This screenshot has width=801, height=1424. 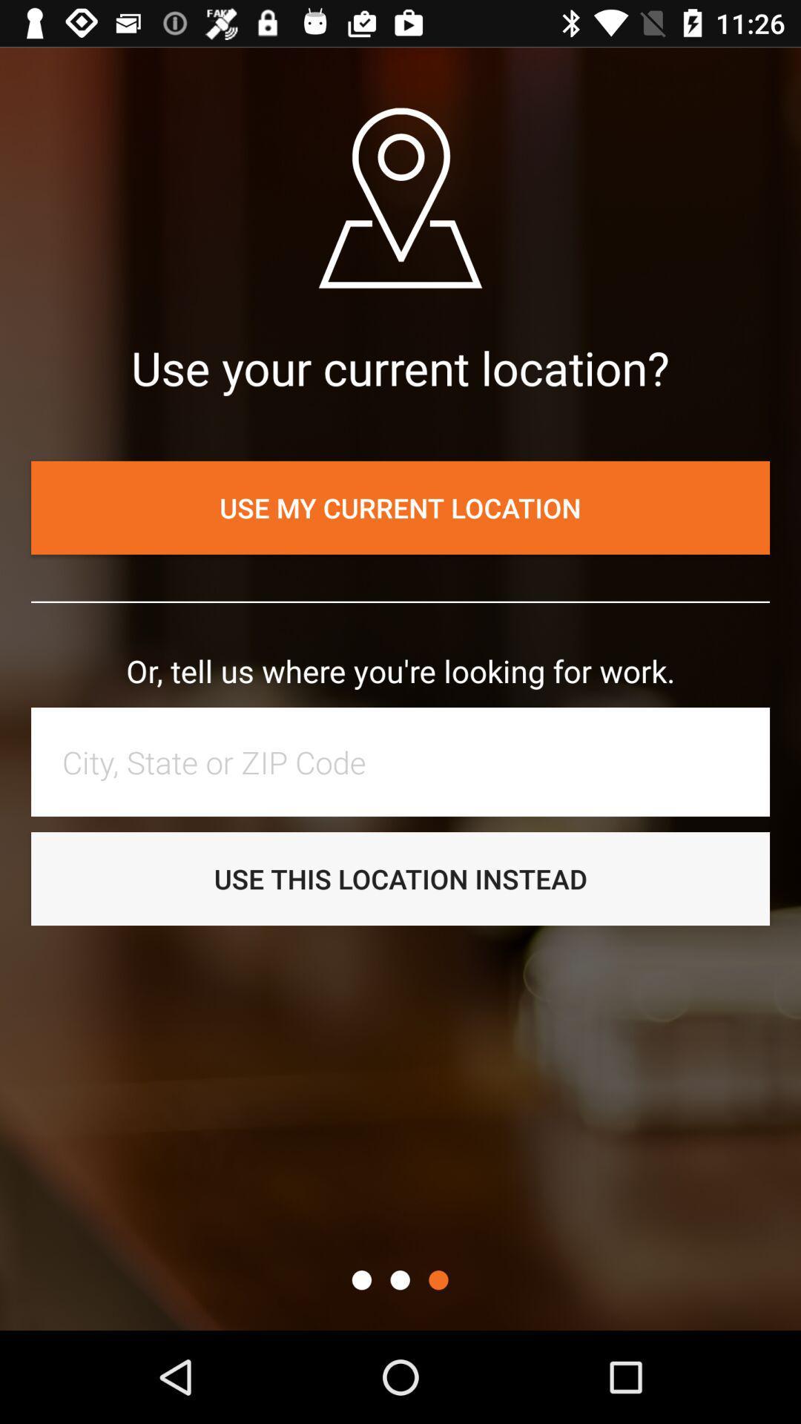 I want to click on jump to screen, so click(x=361, y=1279).